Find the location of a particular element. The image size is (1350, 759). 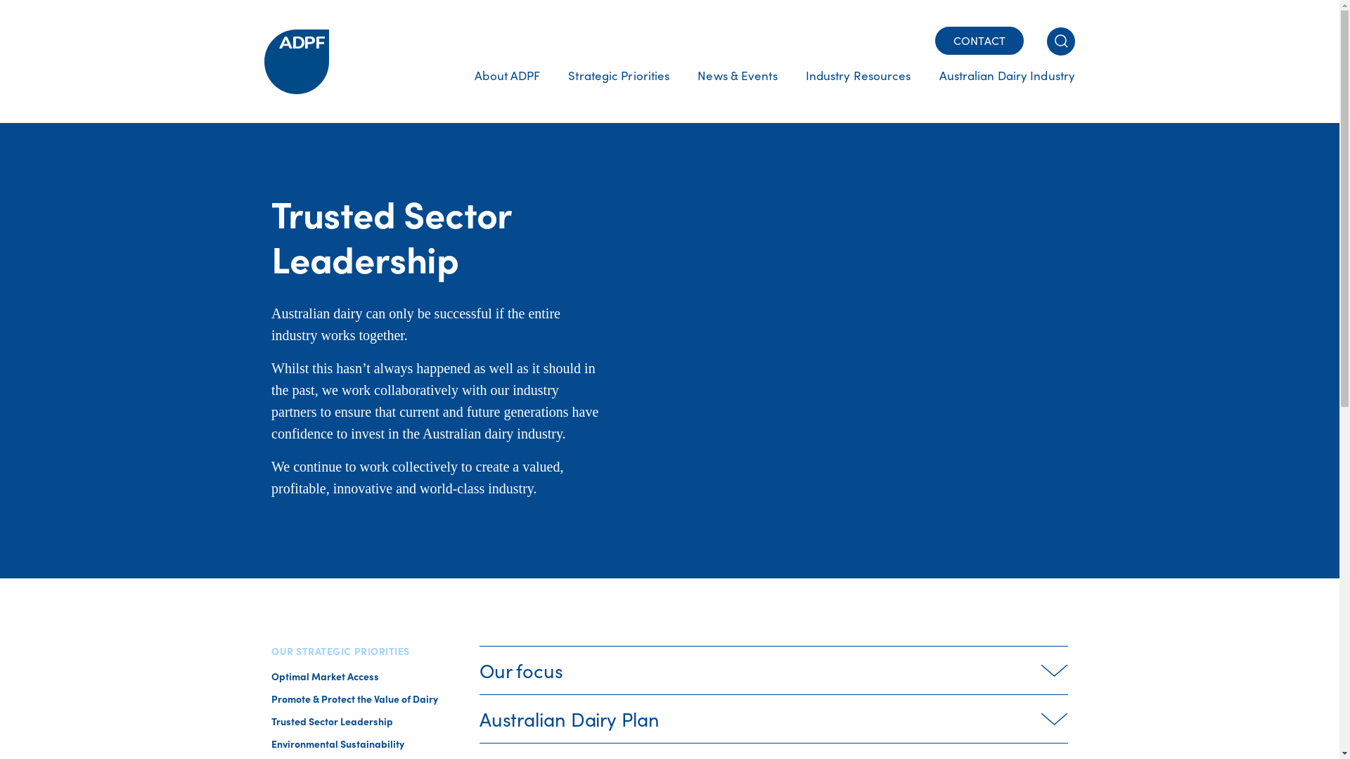

'open search modal' is located at coordinates (1060, 39).